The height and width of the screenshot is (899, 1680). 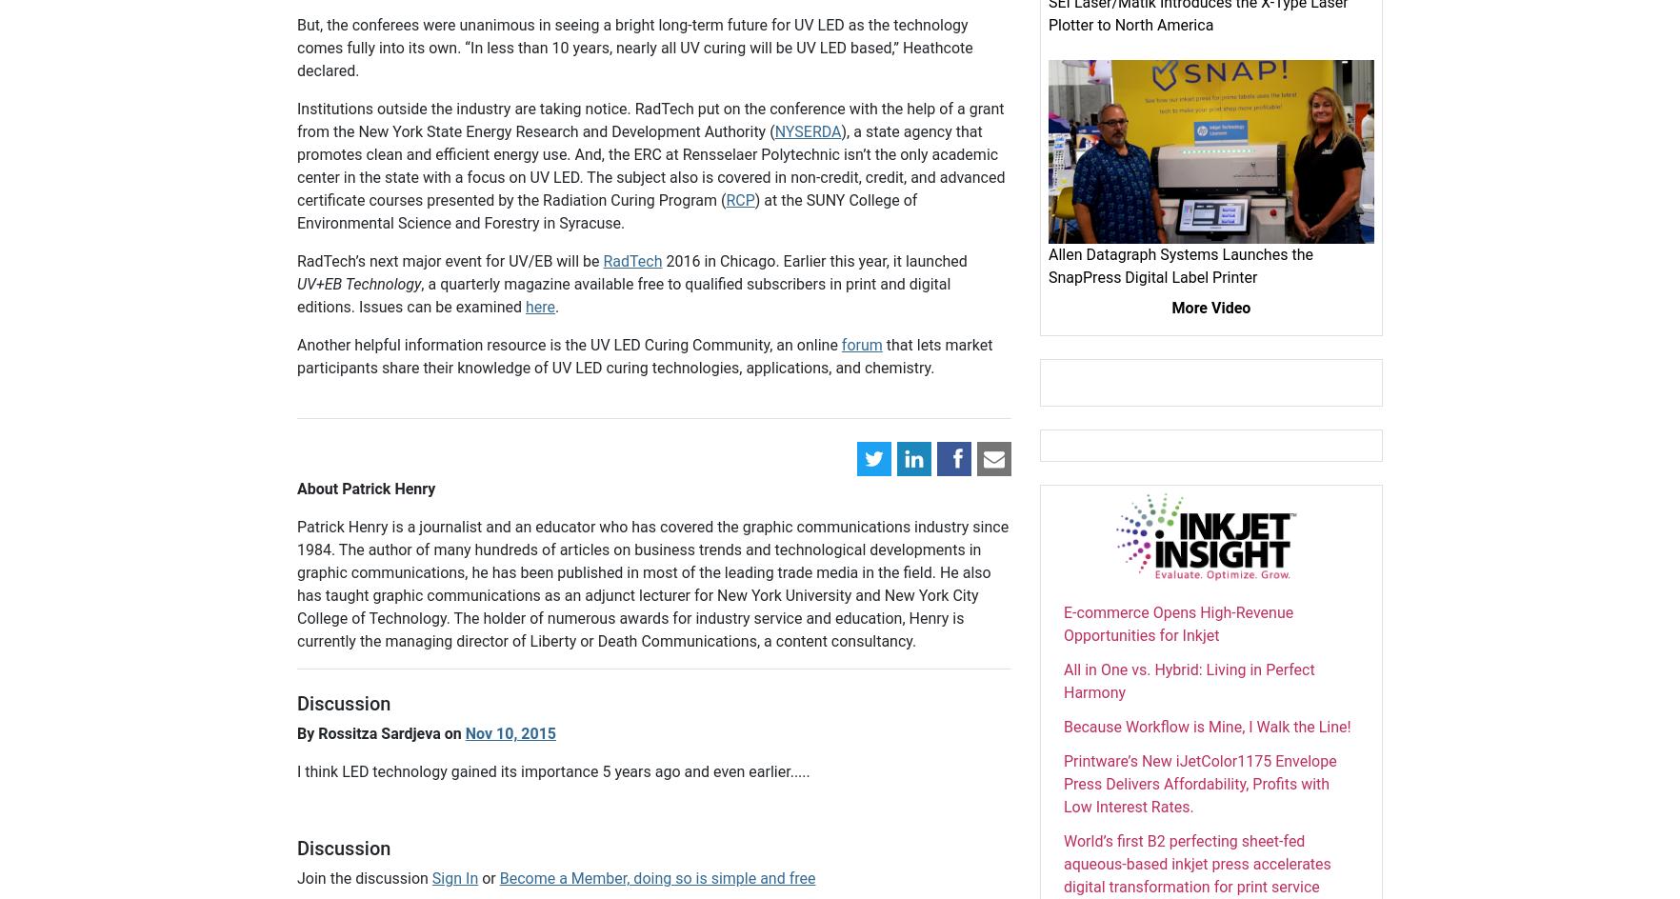 What do you see at coordinates (631, 261) in the screenshot?
I see `'RadTech'` at bounding box center [631, 261].